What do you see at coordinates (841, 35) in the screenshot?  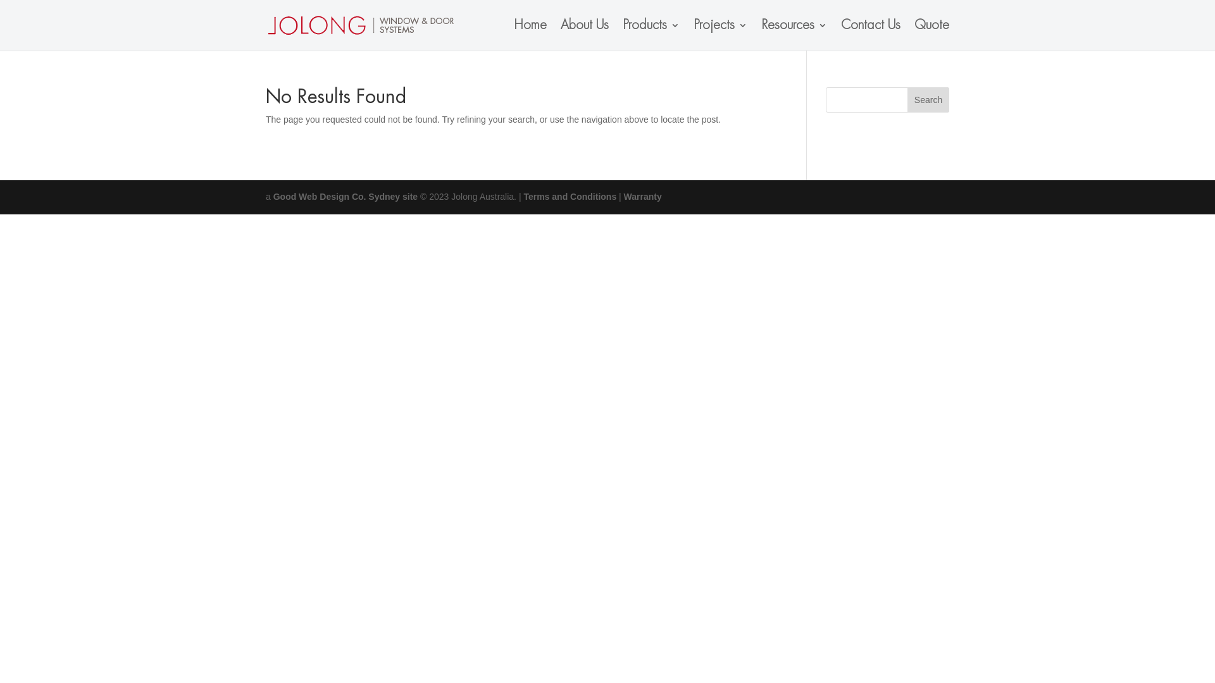 I see `'Contact Us'` at bounding box center [841, 35].